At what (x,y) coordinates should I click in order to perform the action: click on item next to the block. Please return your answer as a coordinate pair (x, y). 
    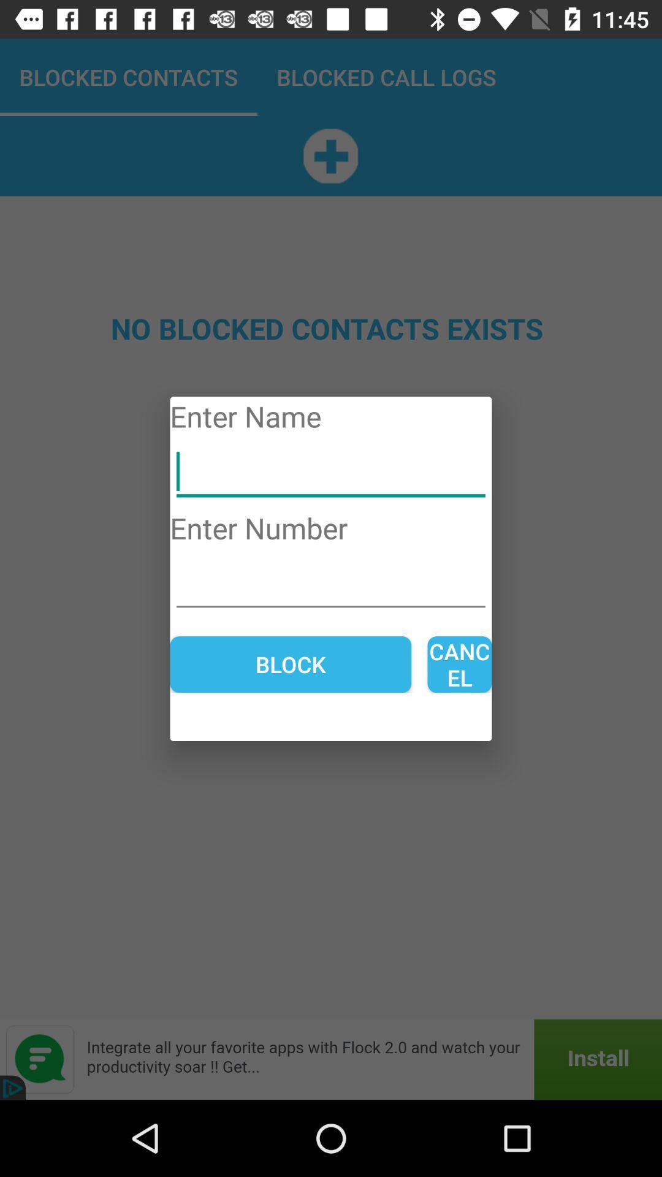
    Looking at the image, I should click on (459, 664).